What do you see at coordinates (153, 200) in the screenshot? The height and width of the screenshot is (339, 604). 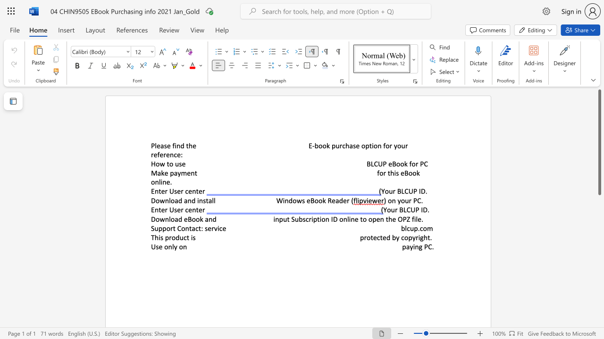 I see `the 1th character "D" in the text` at bounding box center [153, 200].